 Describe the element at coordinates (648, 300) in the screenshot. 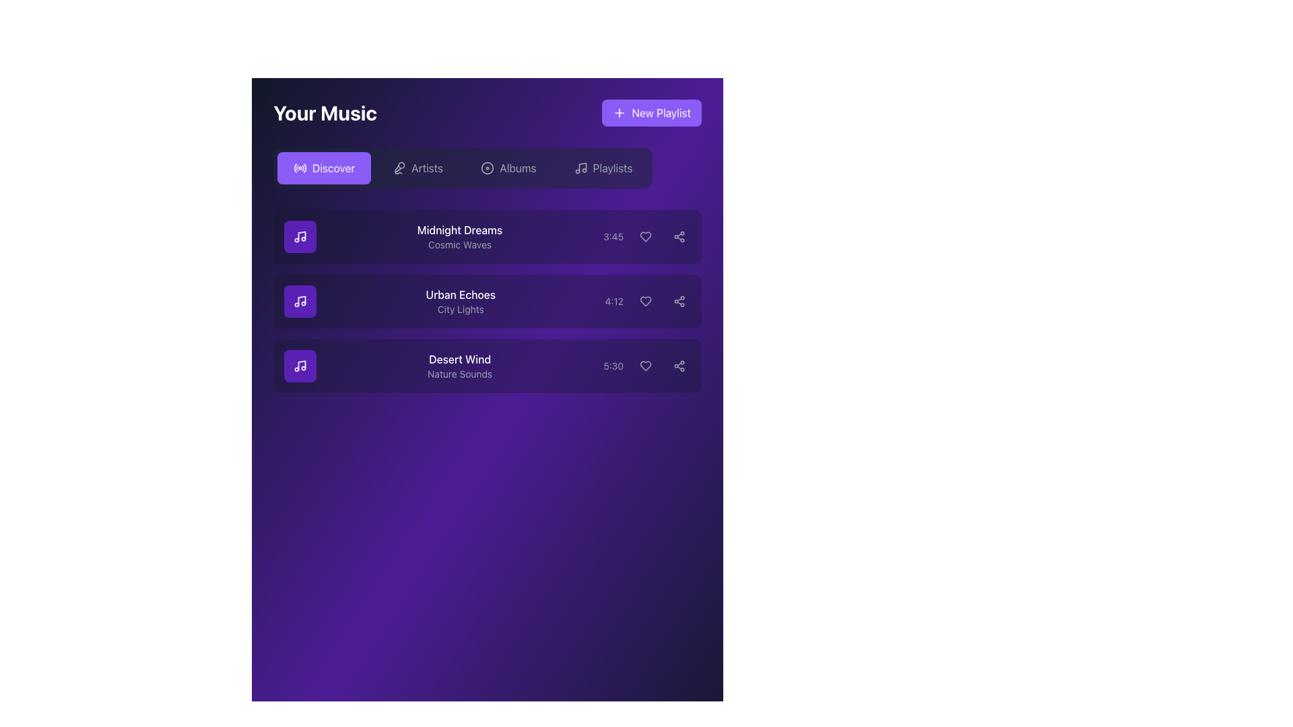

I see `the favorite button for 'Urban Echoes - City Lights' to mark it as a favorite` at that location.